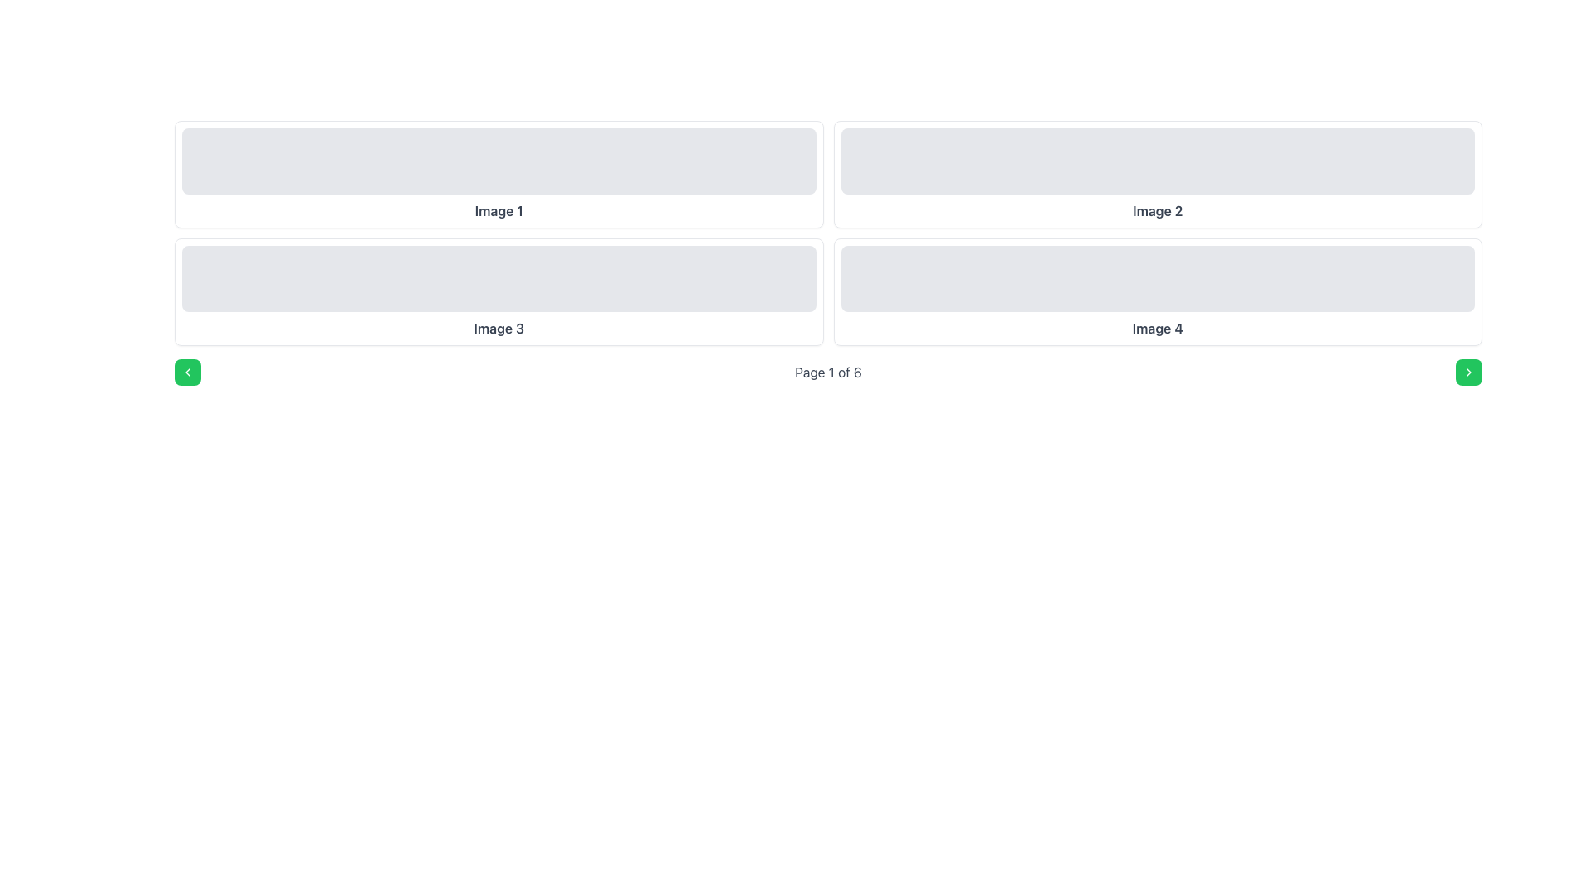  I want to click on displayed text 'Image 1' from the text label that is centrally positioned in the upper left section of the grid layout, so click(498, 209).